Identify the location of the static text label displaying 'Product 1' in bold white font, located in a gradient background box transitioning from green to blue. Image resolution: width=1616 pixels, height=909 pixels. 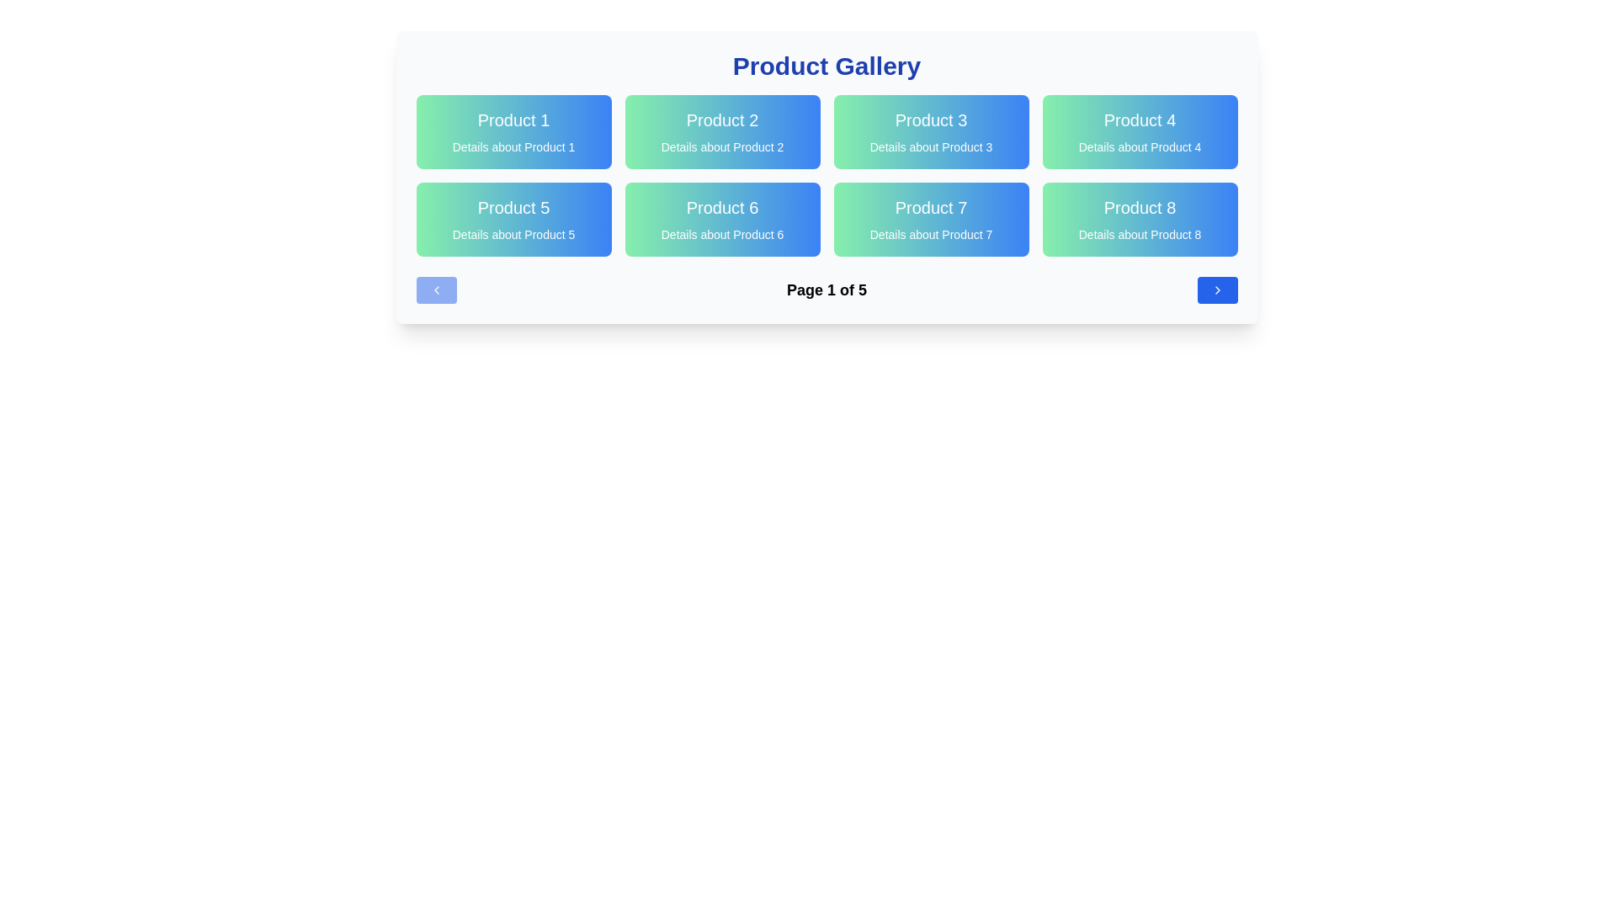
(513, 119).